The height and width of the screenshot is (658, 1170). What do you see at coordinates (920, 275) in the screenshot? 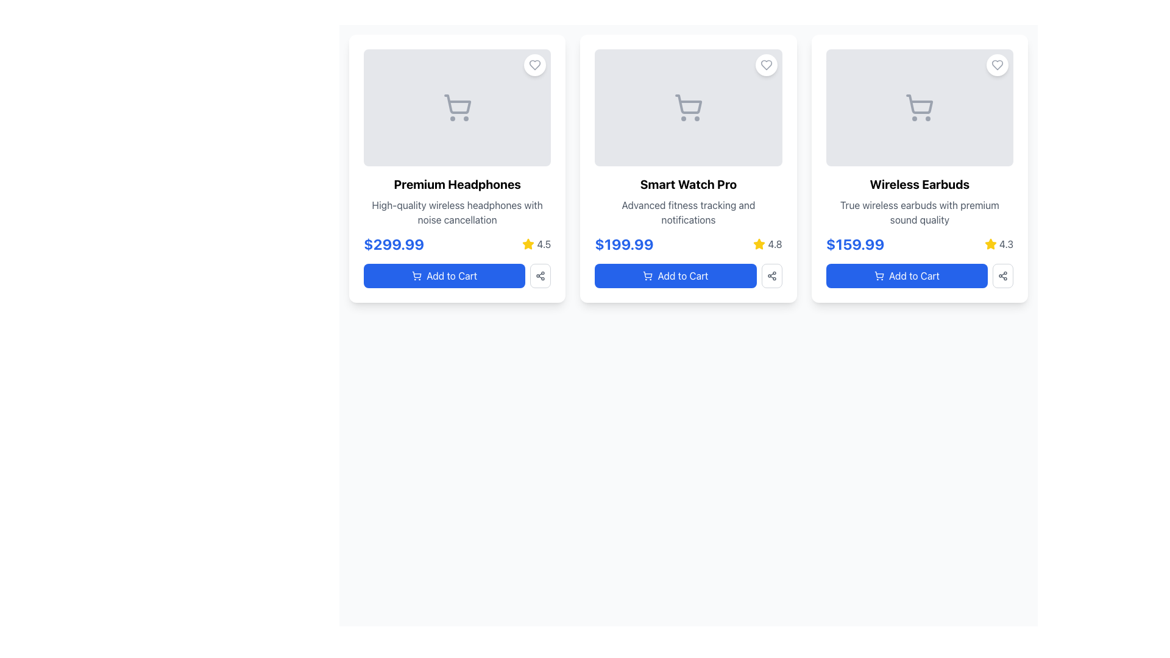
I see `the 'Add to Cart' button located at the lower section of the product card on the rightmost side of the page` at bounding box center [920, 275].